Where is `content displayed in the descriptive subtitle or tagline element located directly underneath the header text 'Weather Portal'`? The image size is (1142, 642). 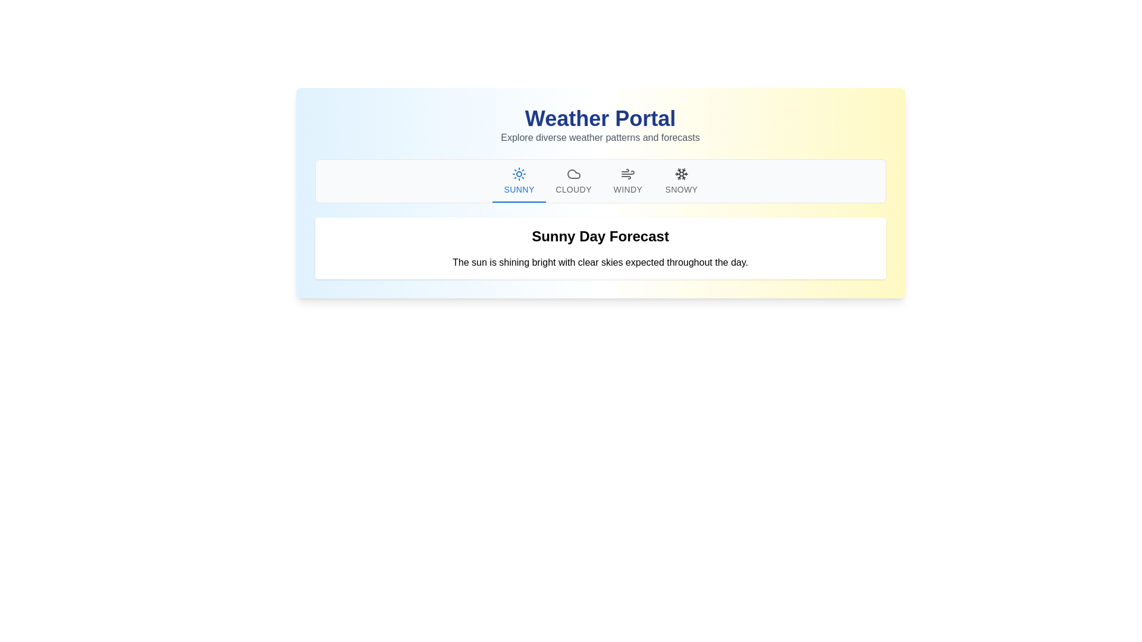 content displayed in the descriptive subtitle or tagline element located directly underneath the header text 'Weather Portal' is located at coordinates (600, 137).